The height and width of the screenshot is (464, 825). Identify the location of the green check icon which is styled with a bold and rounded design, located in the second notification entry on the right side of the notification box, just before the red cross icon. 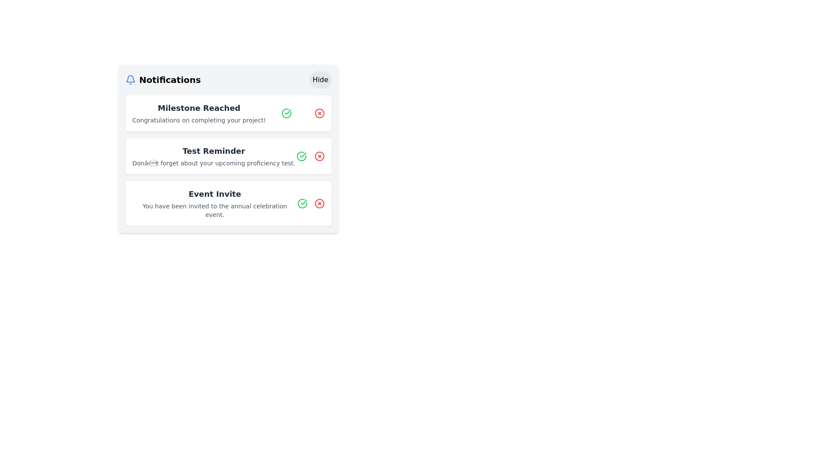
(304, 202).